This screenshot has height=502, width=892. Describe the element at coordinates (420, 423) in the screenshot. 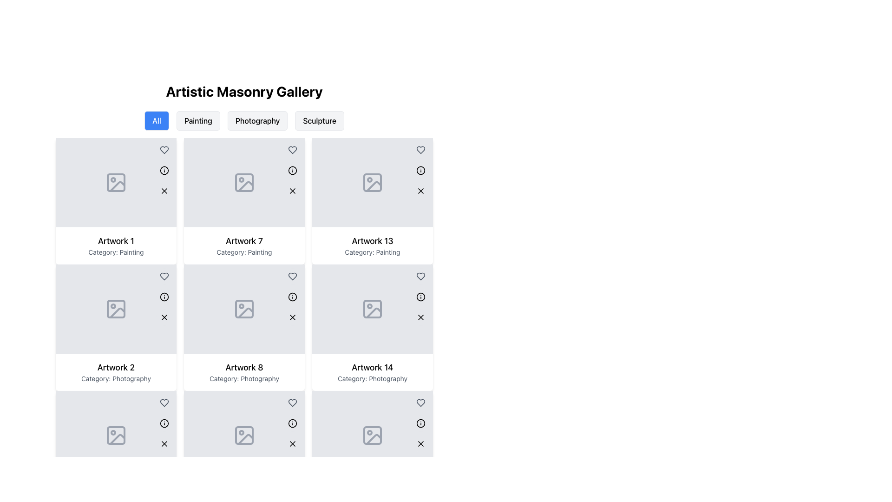

I see `the SVG Circle Element located` at that location.